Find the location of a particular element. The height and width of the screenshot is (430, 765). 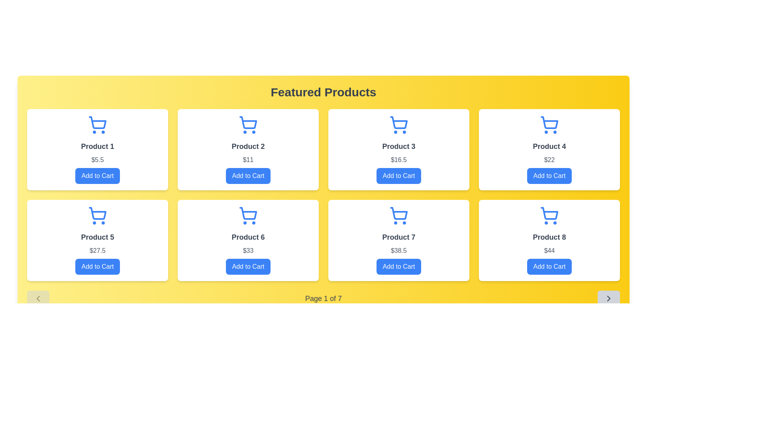

the Text label displaying 'Product 6' which is located in the second row and third column of the product card grid is located at coordinates (248, 237).